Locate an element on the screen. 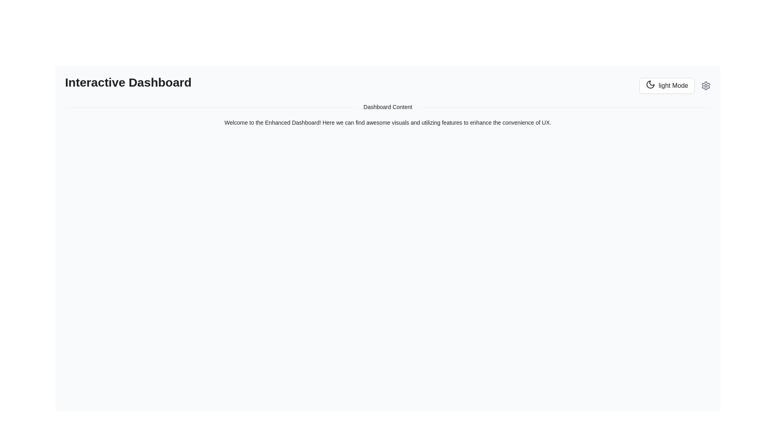 The image size is (771, 433). welcome message text block that says 'Welcome to the Enhanced Dashboard! Here we can find awesome visuals and utilizing features to enhance the convenience of UX.' positioned centrally below 'Dashboard Content' is located at coordinates (388, 122).